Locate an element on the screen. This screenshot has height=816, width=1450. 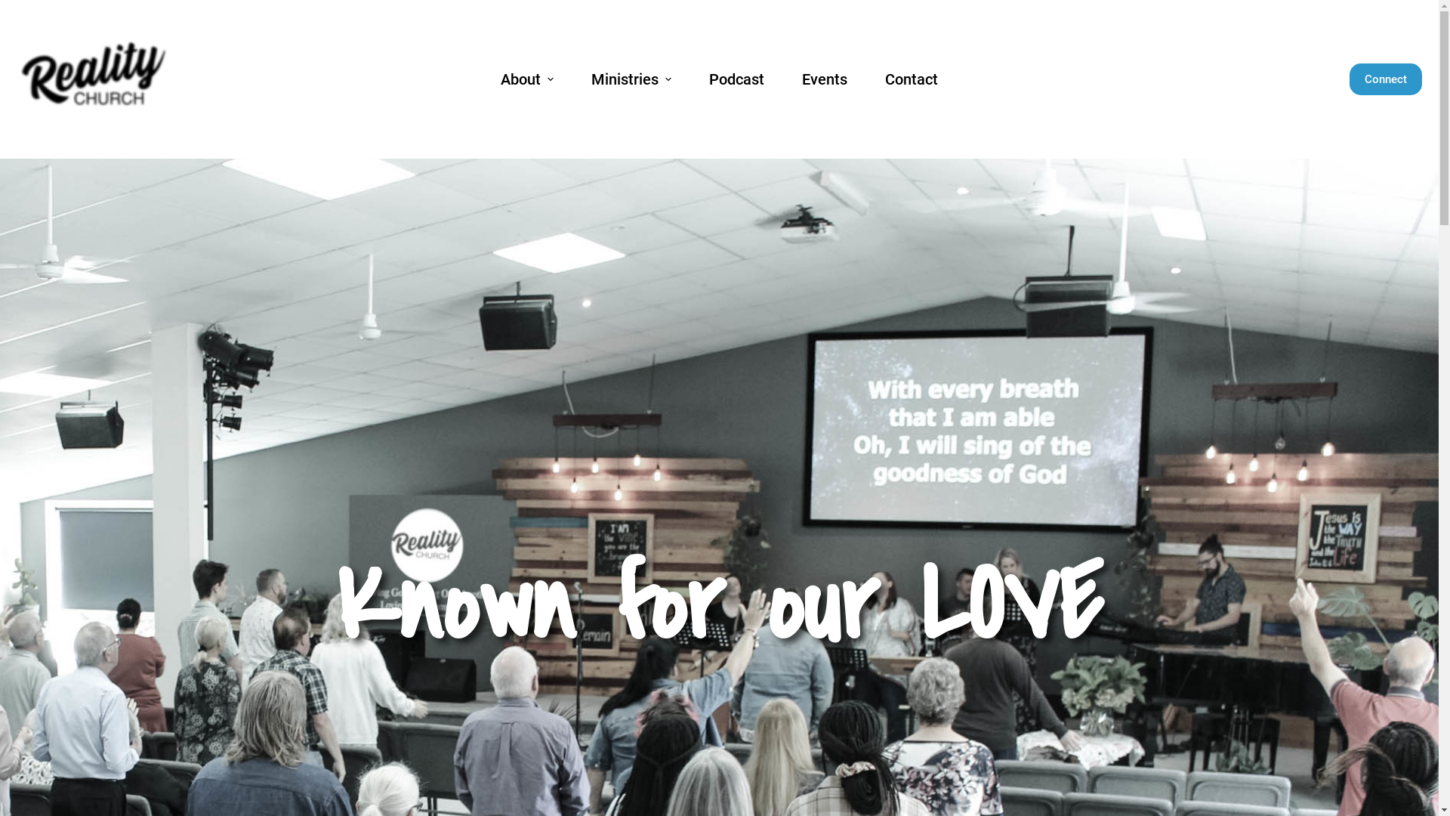
'Events' is located at coordinates (824, 79).